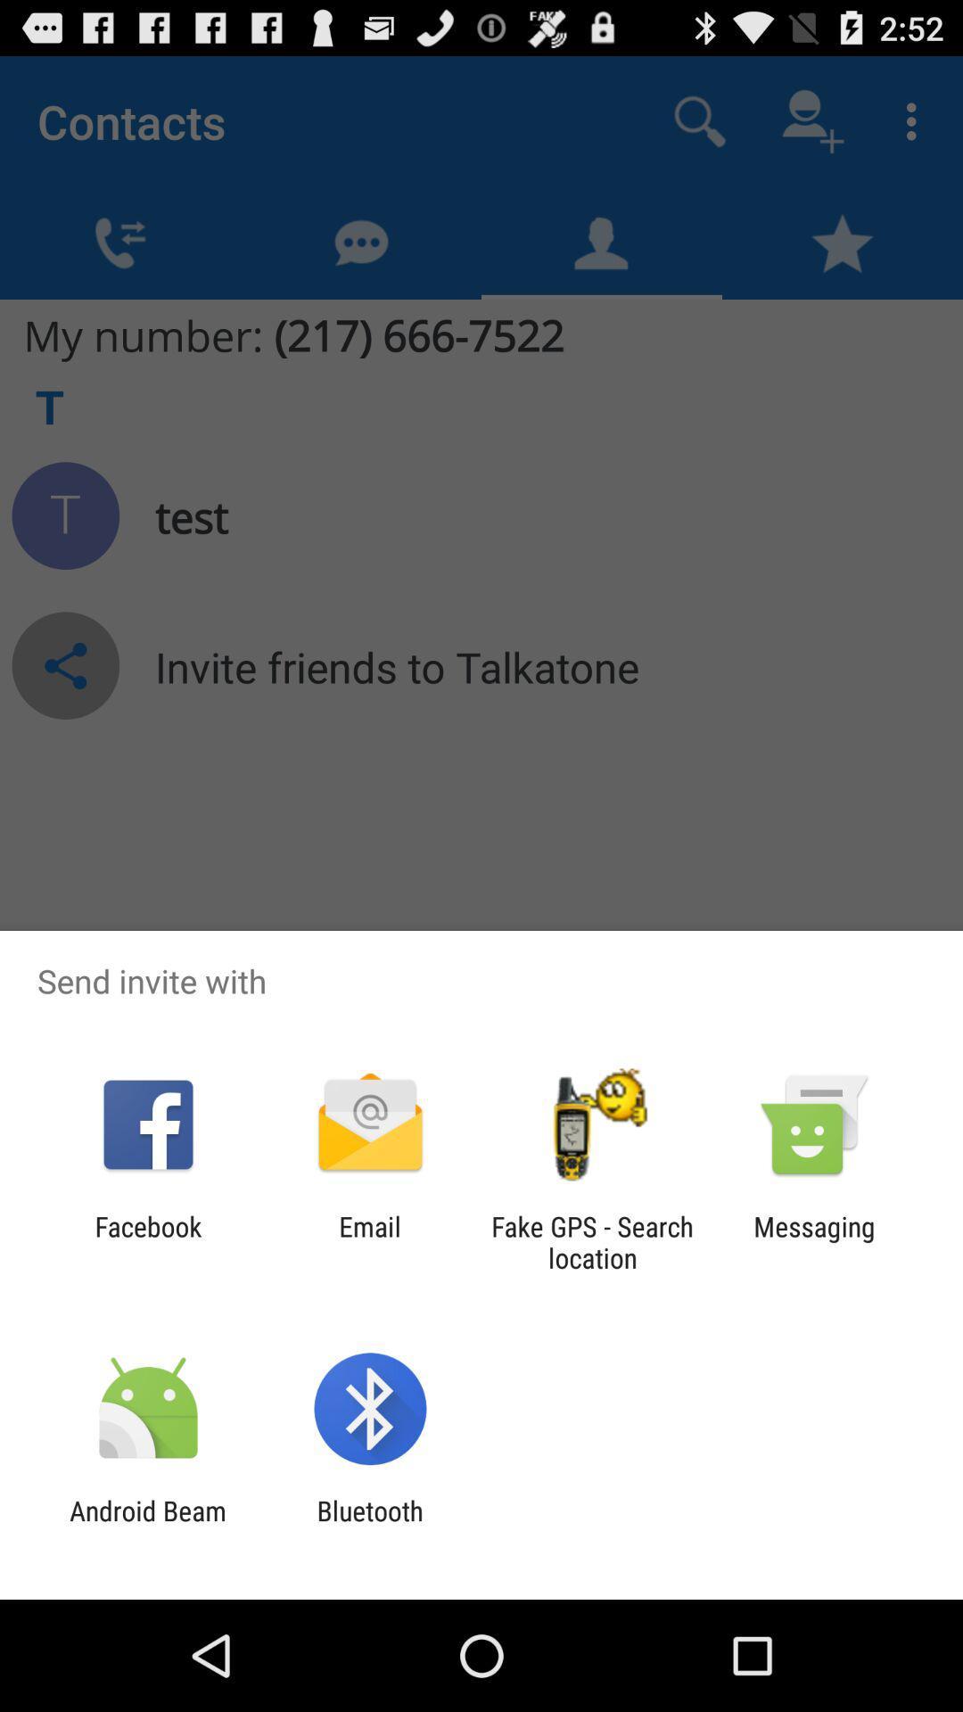  Describe the element at coordinates (147, 1241) in the screenshot. I see `facebook app` at that location.